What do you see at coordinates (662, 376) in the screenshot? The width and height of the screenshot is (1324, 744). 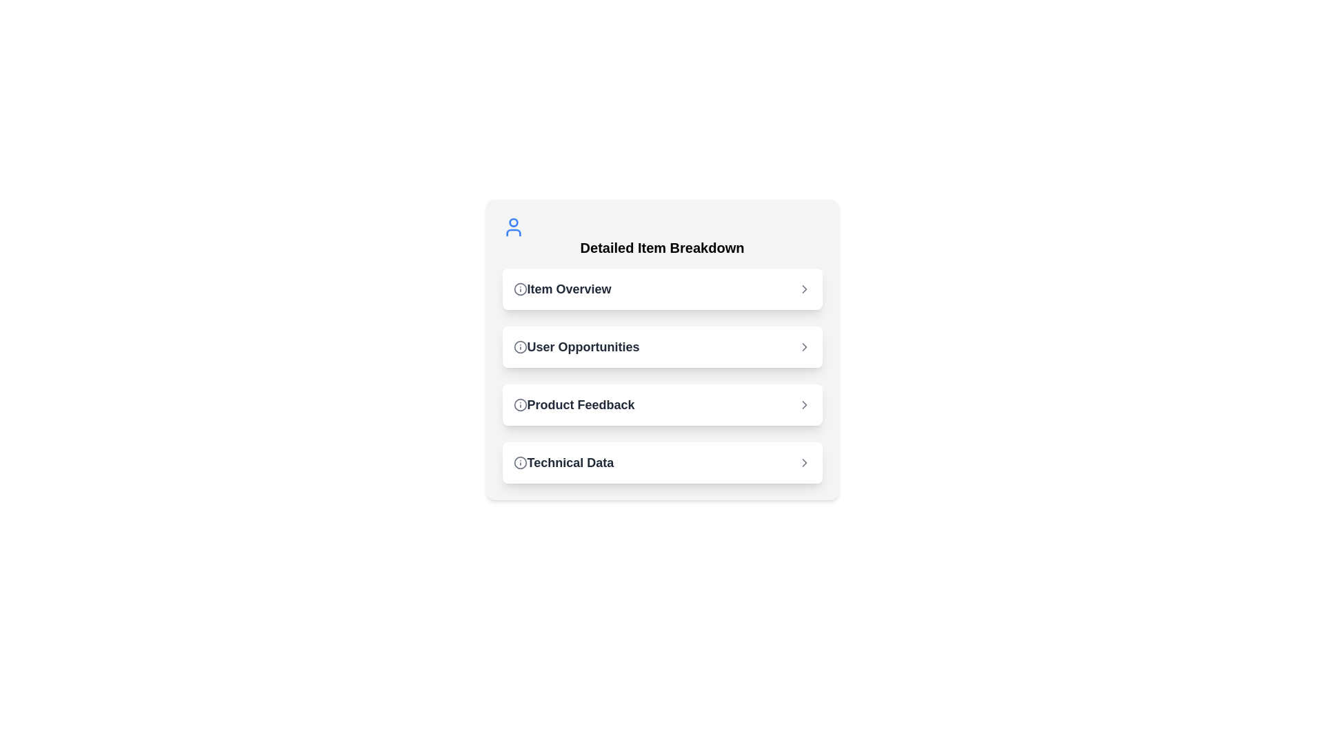 I see `the second item in the vertical menu list labeled 'User Opportunities'` at bounding box center [662, 376].